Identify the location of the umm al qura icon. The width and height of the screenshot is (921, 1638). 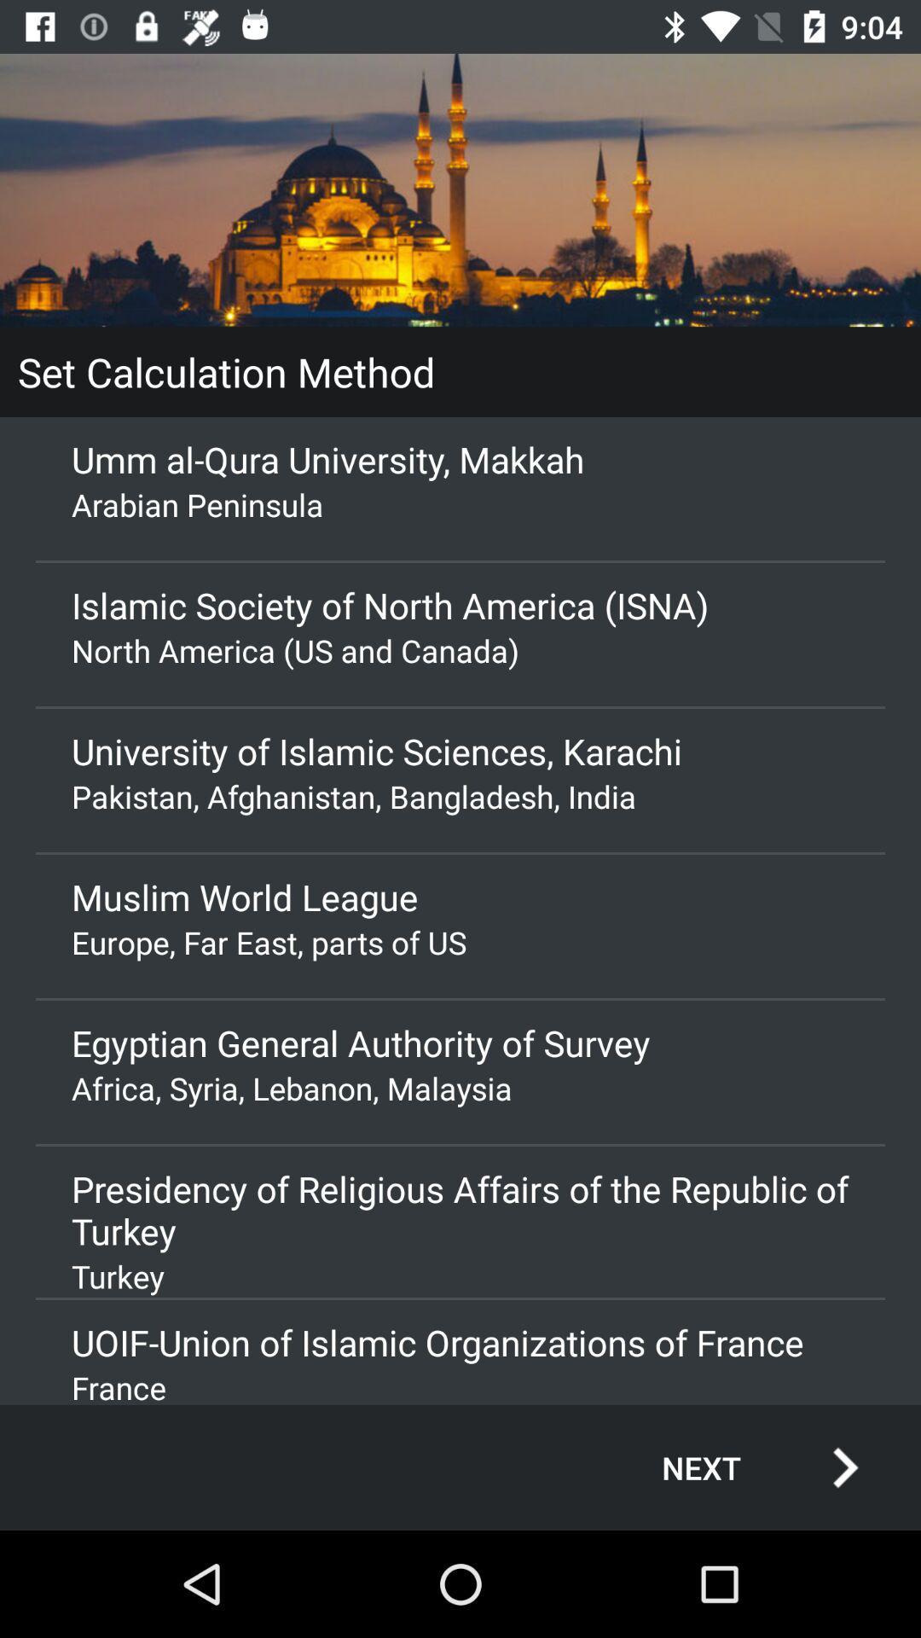
(460, 459).